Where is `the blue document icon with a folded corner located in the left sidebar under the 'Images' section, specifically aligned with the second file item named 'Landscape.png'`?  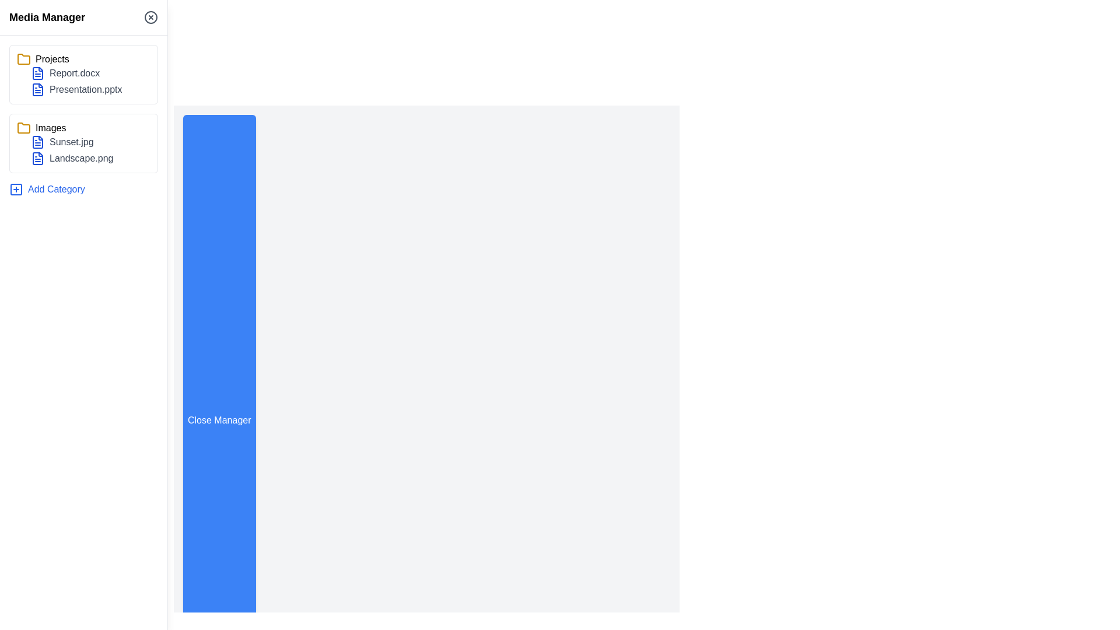
the blue document icon with a folded corner located in the left sidebar under the 'Images' section, specifically aligned with the second file item named 'Landscape.png' is located at coordinates (38, 159).